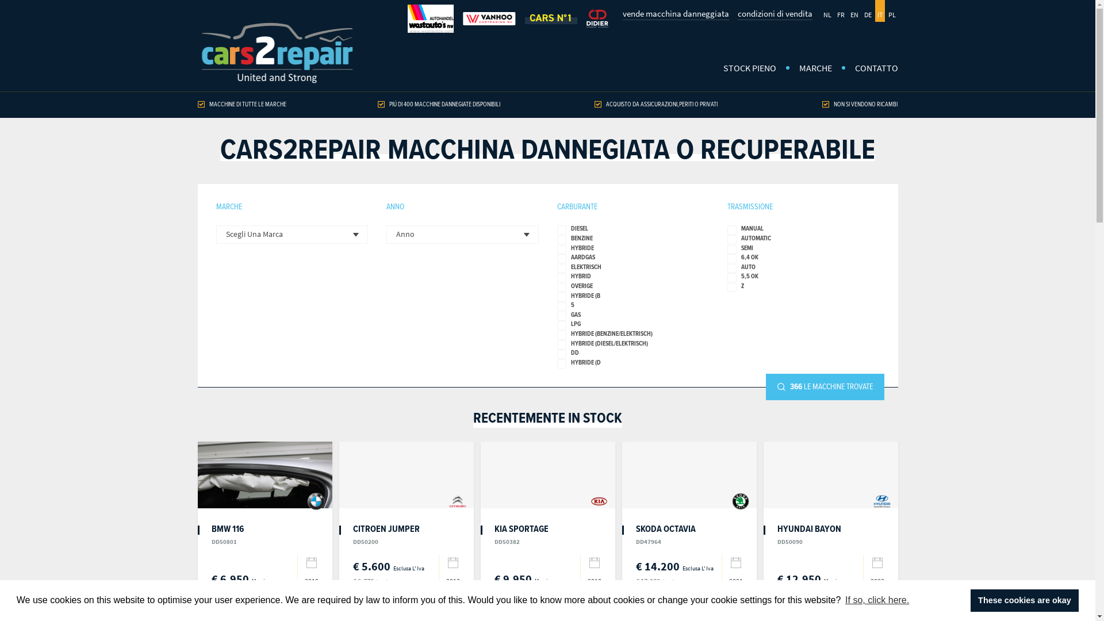 This screenshot has height=621, width=1104. I want to click on 'KIA SPORTAGE, so click(494, 534).